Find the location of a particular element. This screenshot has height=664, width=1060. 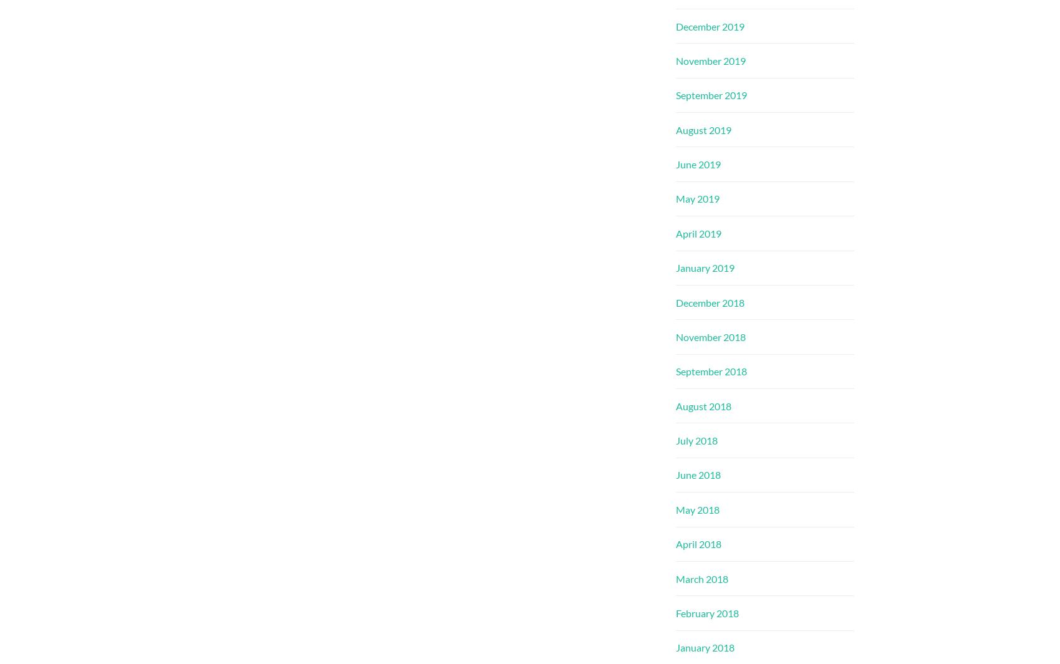

'February 2018' is located at coordinates (707, 612).